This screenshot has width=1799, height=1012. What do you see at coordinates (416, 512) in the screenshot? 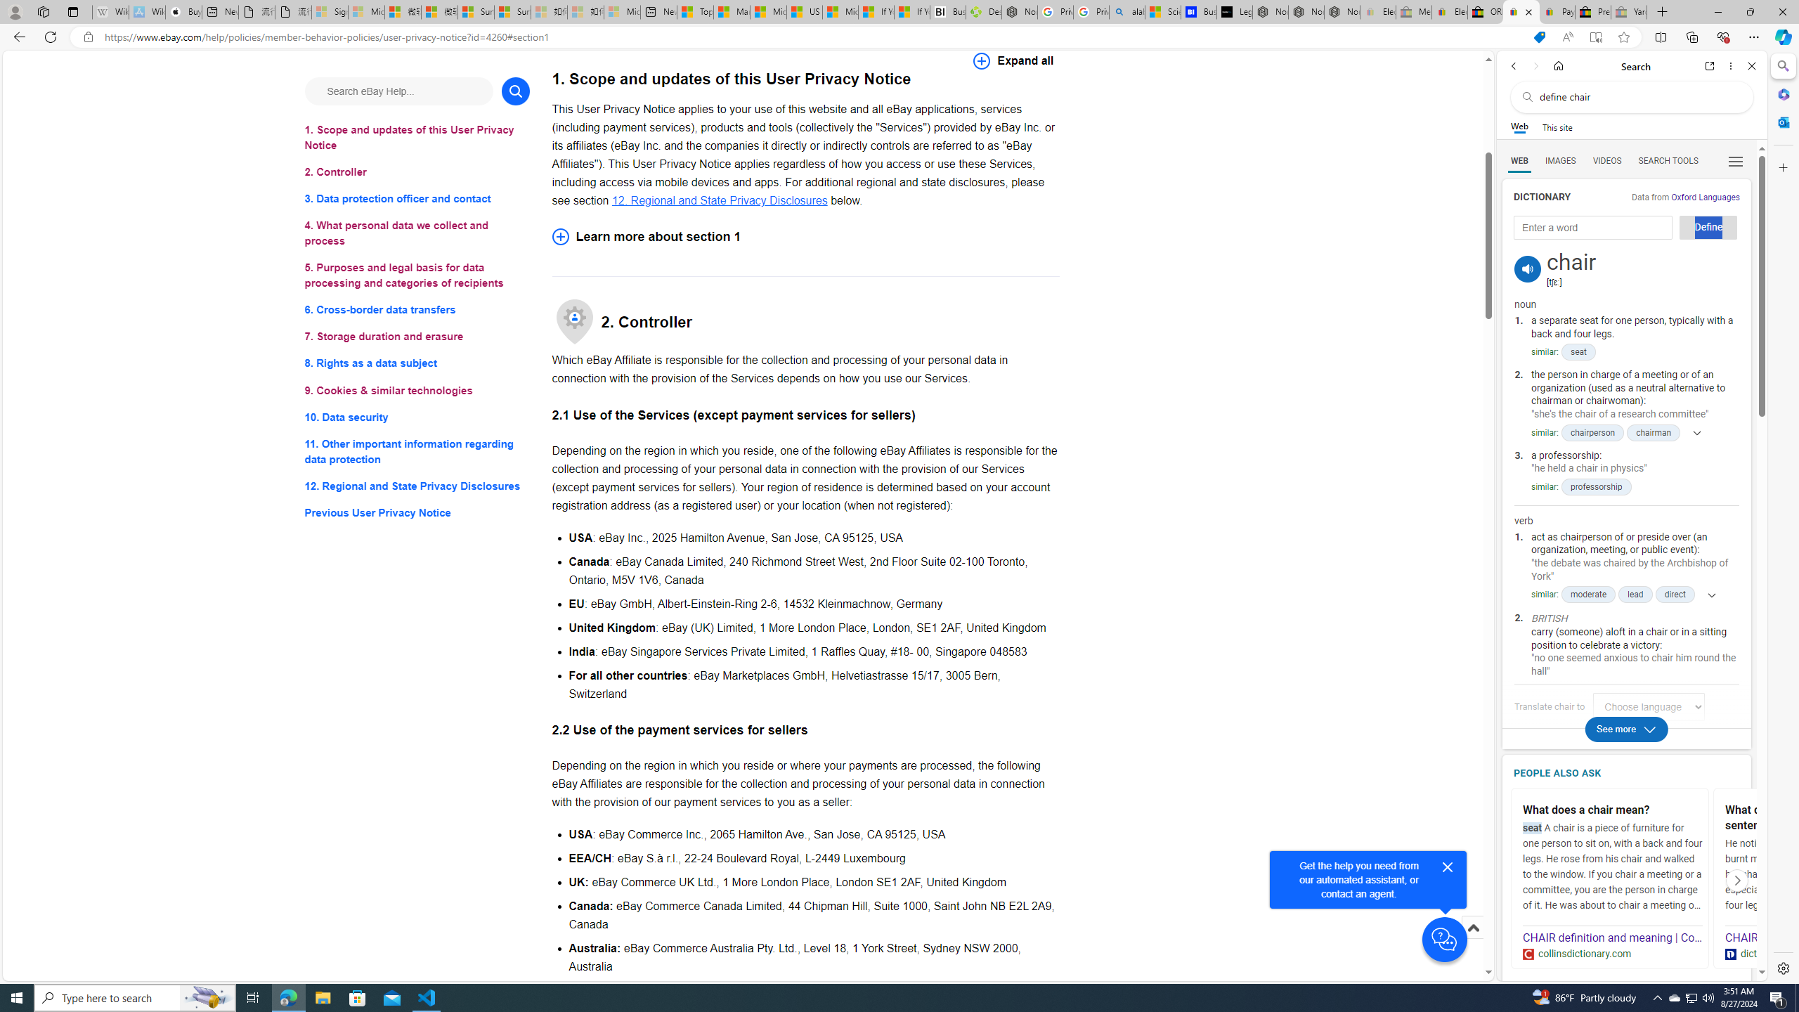
I see `'Previous User Privacy Notice'` at bounding box center [416, 512].